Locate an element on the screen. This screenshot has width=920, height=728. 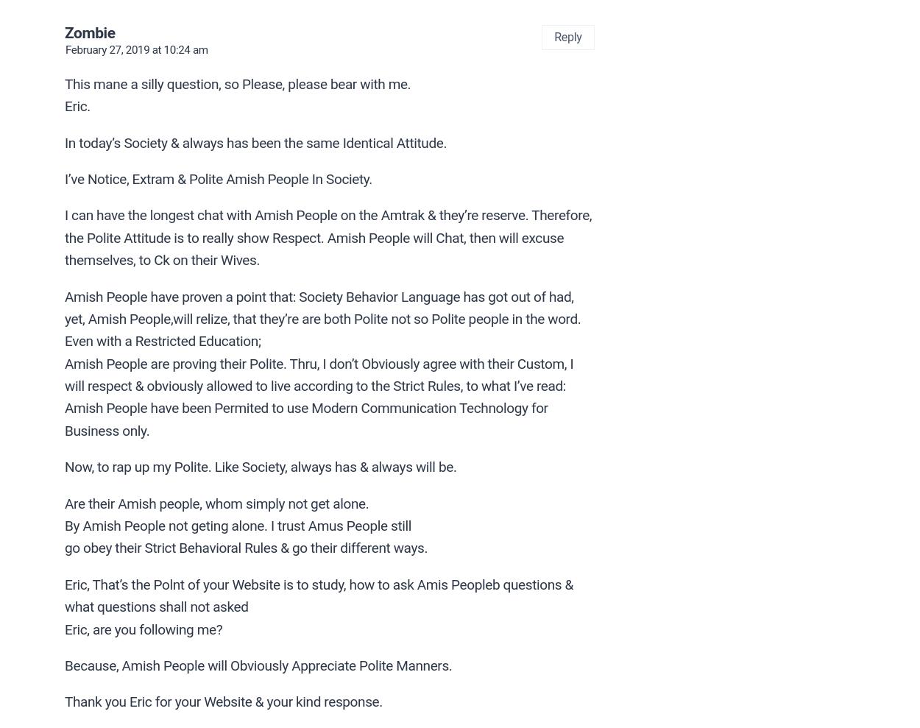
'Now, to rap up my Polite. Like Society, always has & always will be.' is located at coordinates (260, 467).